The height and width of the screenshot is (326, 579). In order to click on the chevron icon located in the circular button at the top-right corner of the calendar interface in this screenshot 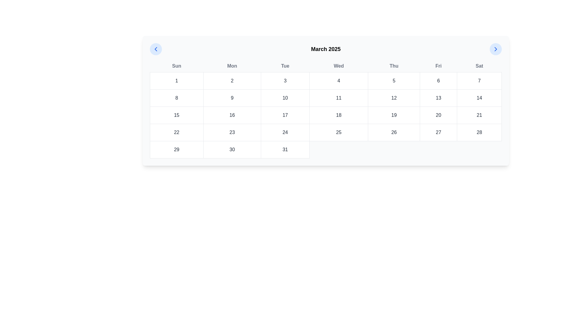, I will do `click(495, 49)`.